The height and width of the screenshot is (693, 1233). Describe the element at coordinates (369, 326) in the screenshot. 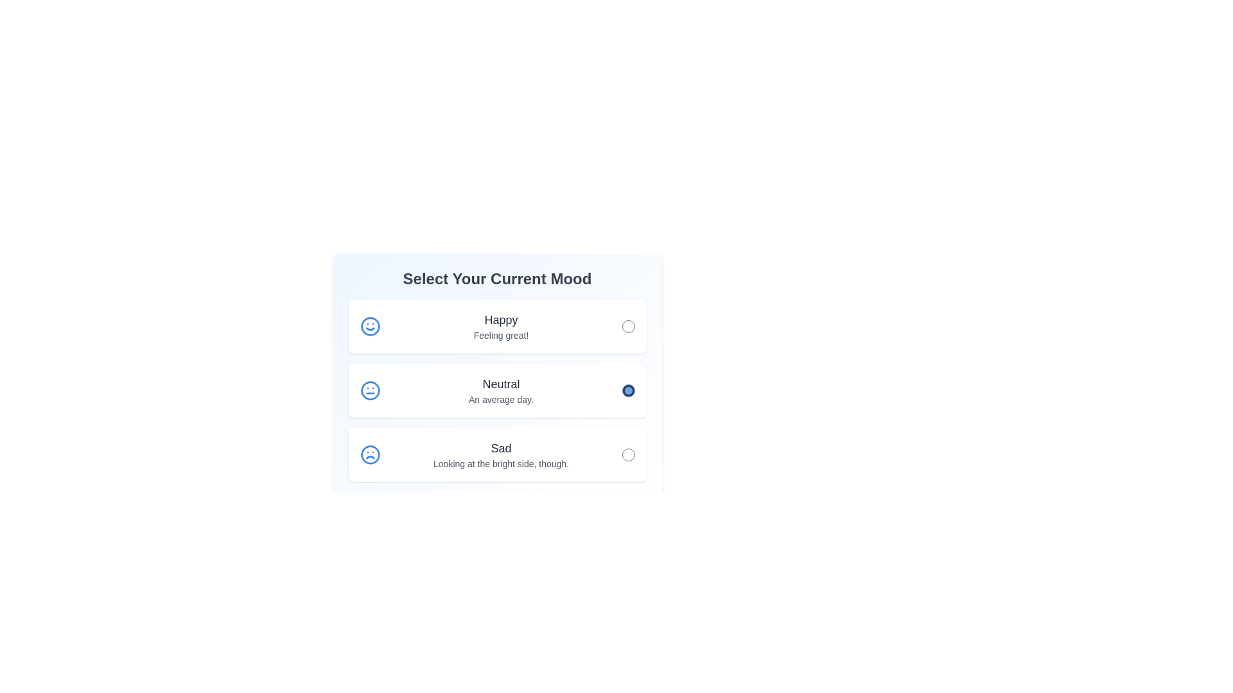

I see `the circular element that forms the base shape of the smiley icon representing the 'Happy' mood option in the mood selection interface` at that location.